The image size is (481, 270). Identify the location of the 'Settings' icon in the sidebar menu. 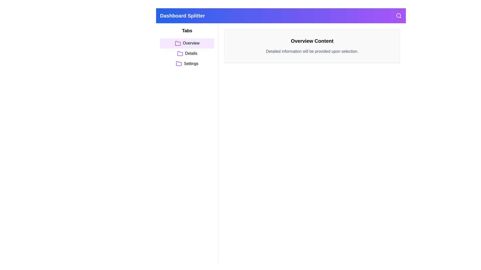
(179, 63).